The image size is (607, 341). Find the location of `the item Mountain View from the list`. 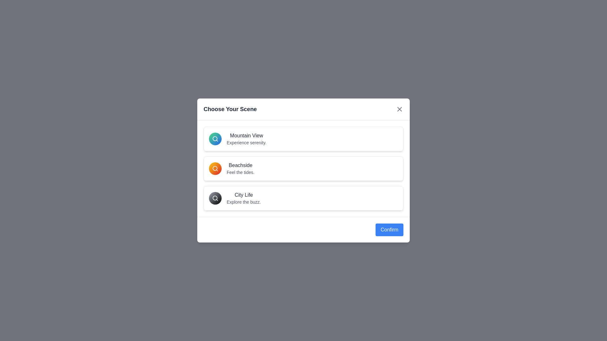

the item Mountain View from the list is located at coordinates (303, 138).